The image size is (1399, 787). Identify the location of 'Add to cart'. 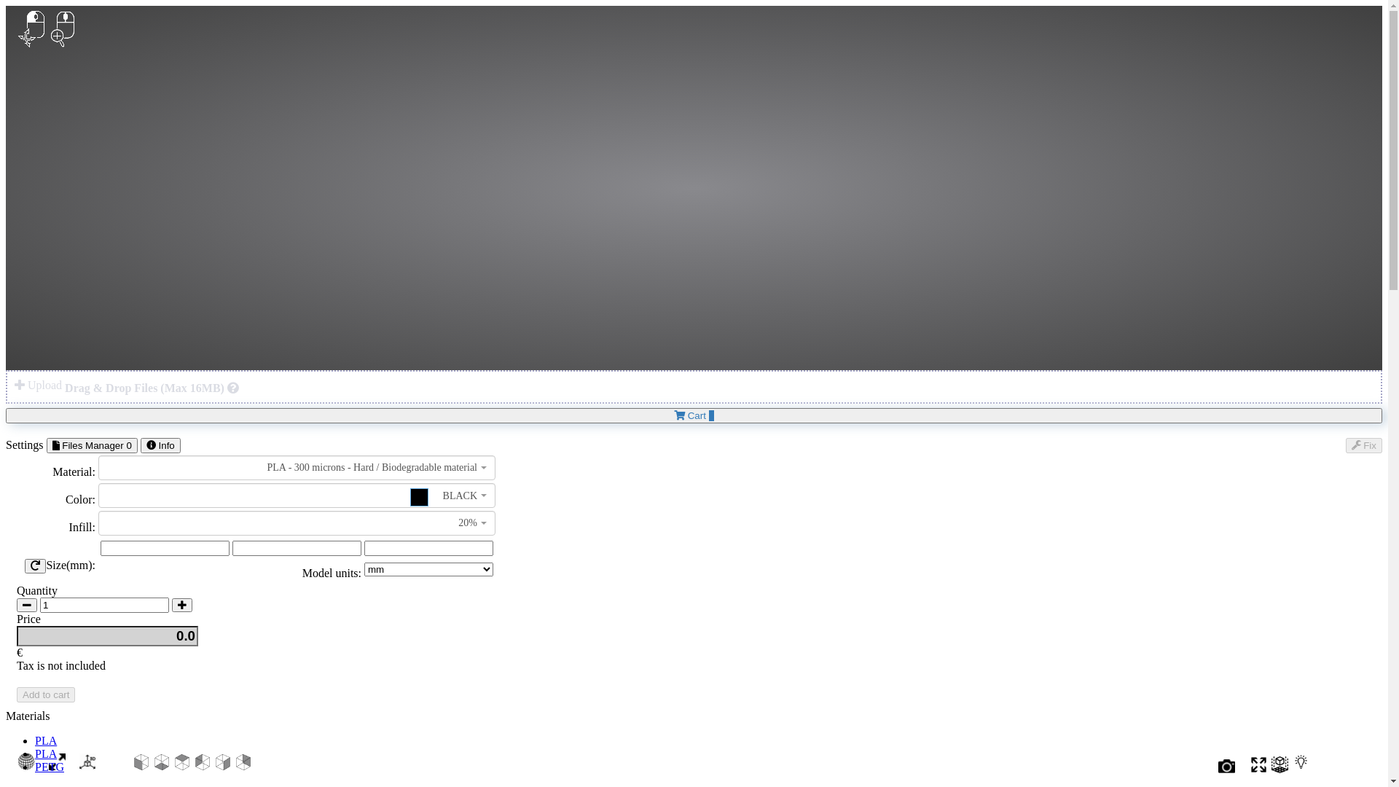
(45, 694).